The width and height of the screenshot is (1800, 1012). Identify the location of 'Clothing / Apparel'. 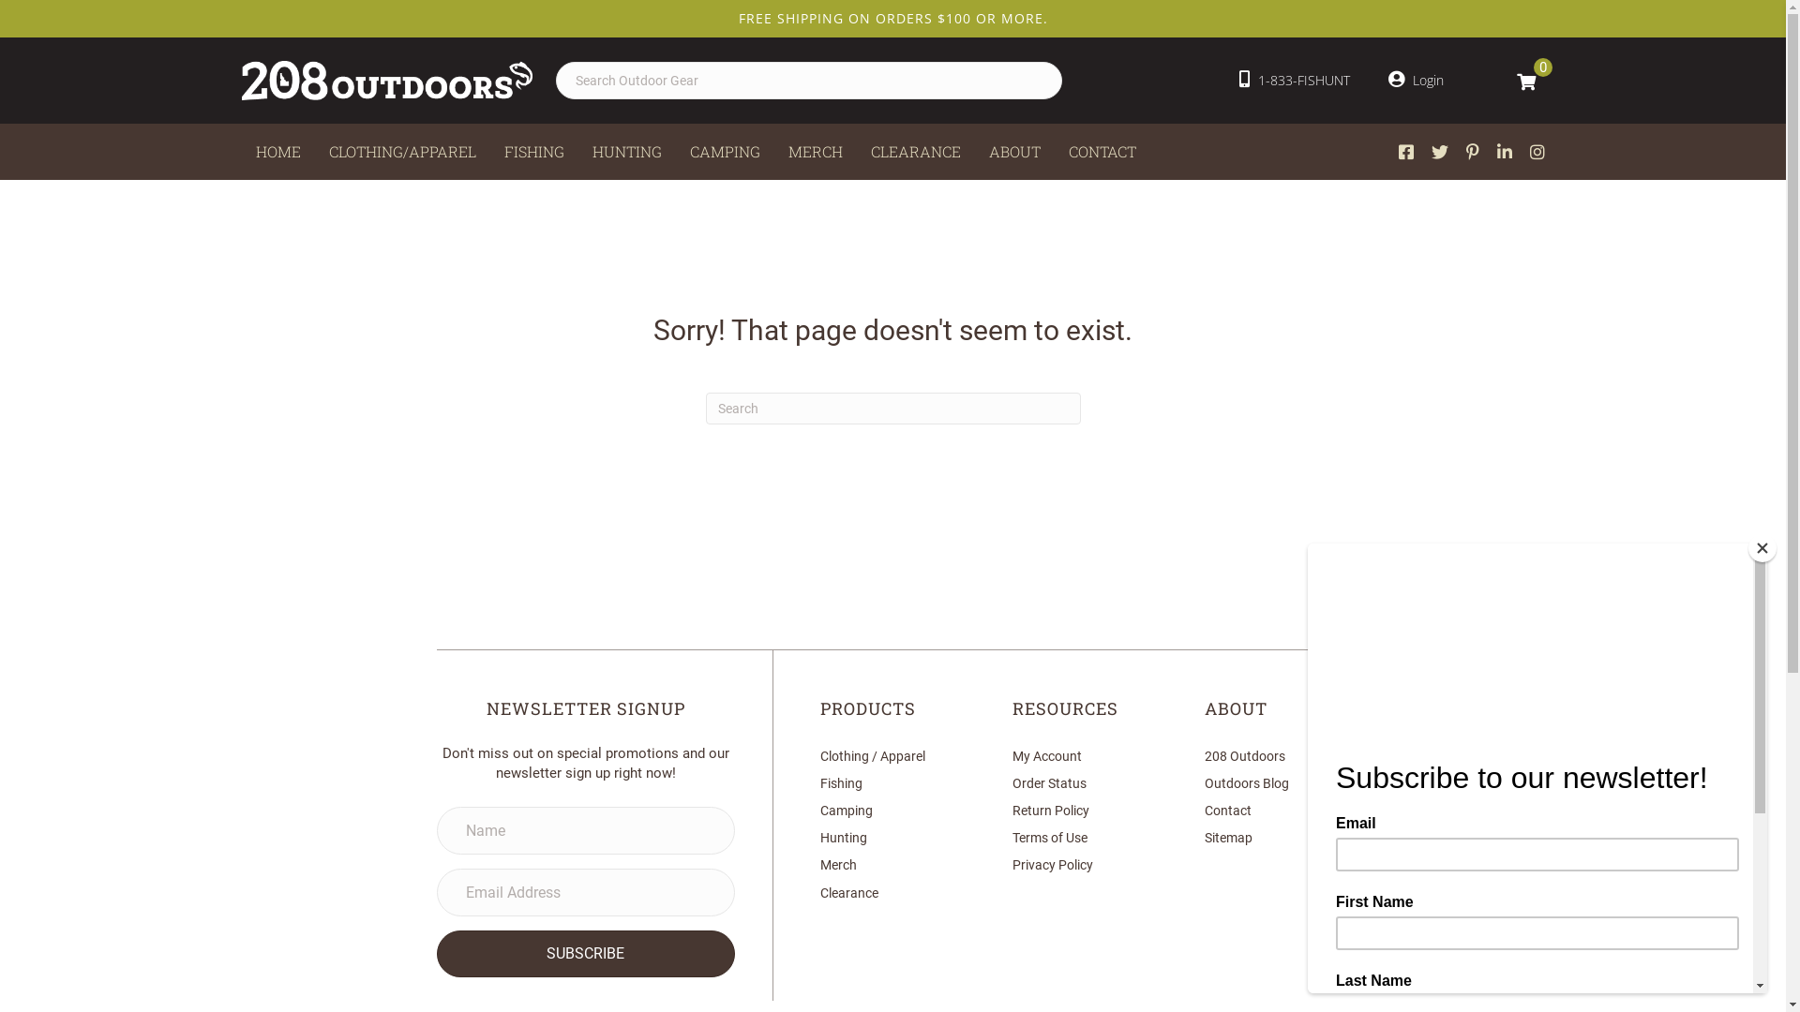
(819, 754).